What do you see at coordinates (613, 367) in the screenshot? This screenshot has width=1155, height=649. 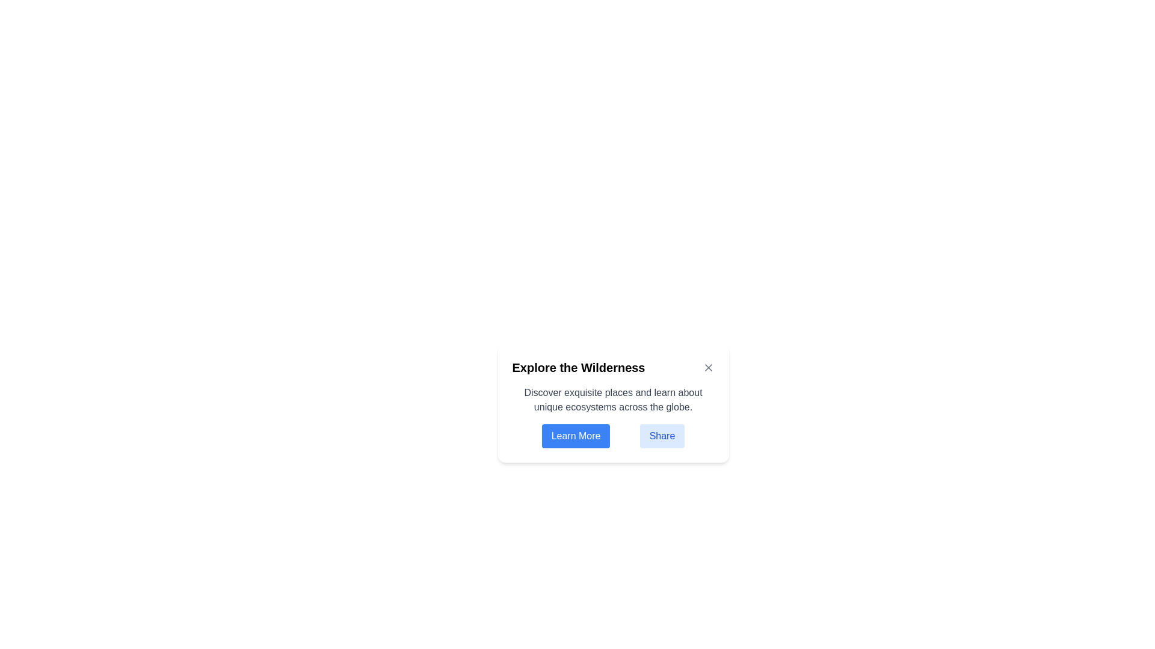 I see `the text label or heading at the top-center of the card, which summarizes the content below` at bounding box center [613, 367].